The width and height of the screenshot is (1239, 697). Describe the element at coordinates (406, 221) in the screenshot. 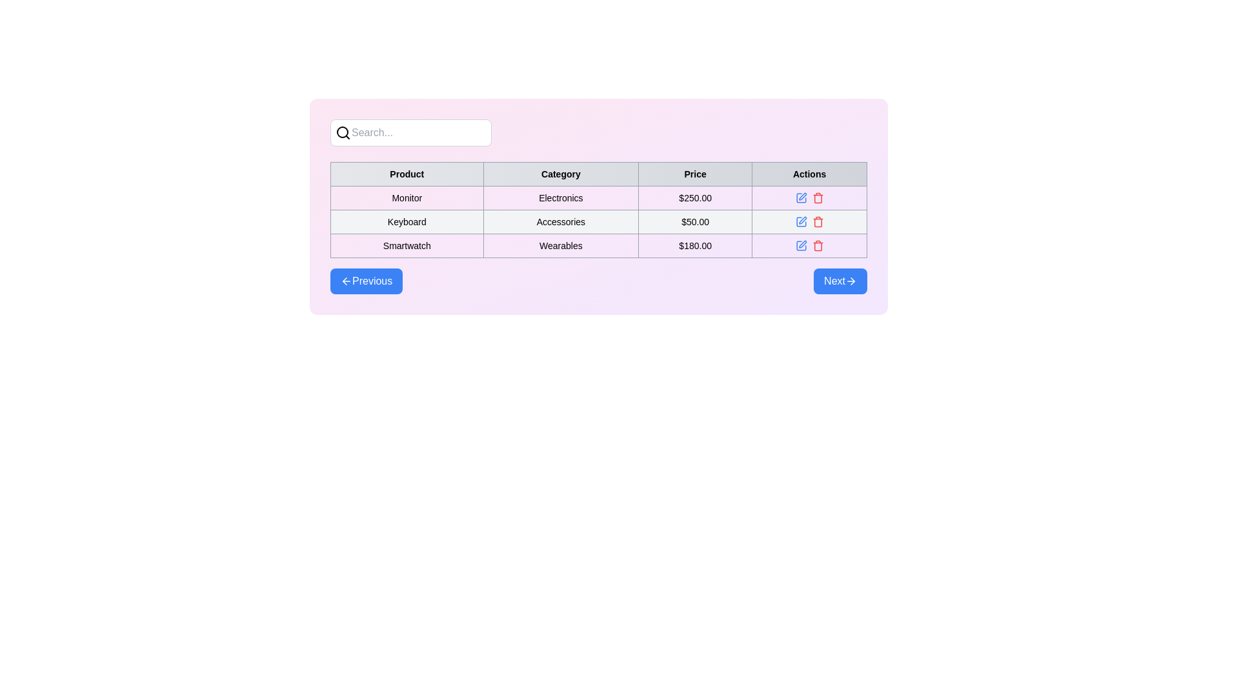

I see `text label indicating the product name 'Keyboard' located in the second row and first column of the product details table` at that location.